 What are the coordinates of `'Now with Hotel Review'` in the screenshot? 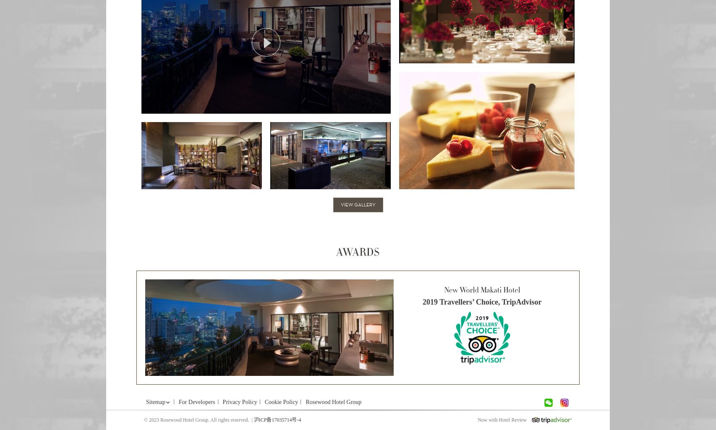 It's located at (504, 420).